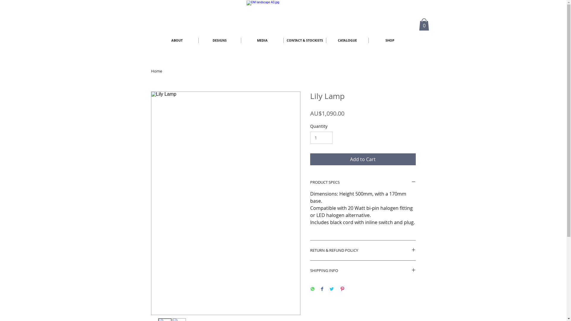 Image resolution: width=571 pixels, height=321 pixels. What do you see at coordinates (177, 40) in the screenshot?
I see `'ABOUT'` at bounding box center [177, 40].